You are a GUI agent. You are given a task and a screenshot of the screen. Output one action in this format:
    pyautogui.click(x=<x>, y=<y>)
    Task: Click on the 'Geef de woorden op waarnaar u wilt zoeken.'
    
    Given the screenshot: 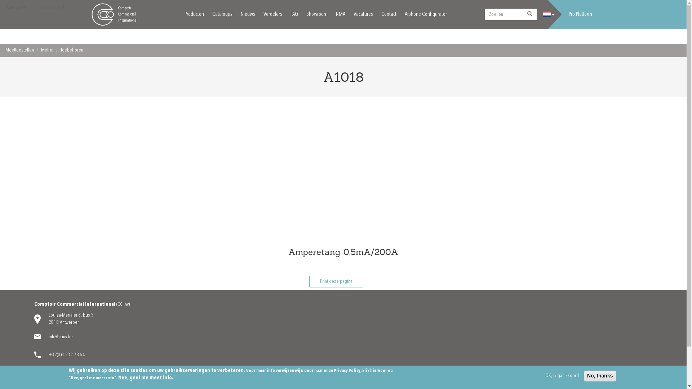 What is the action you would take?
    pyautogui.click(x=484, y=14)
    